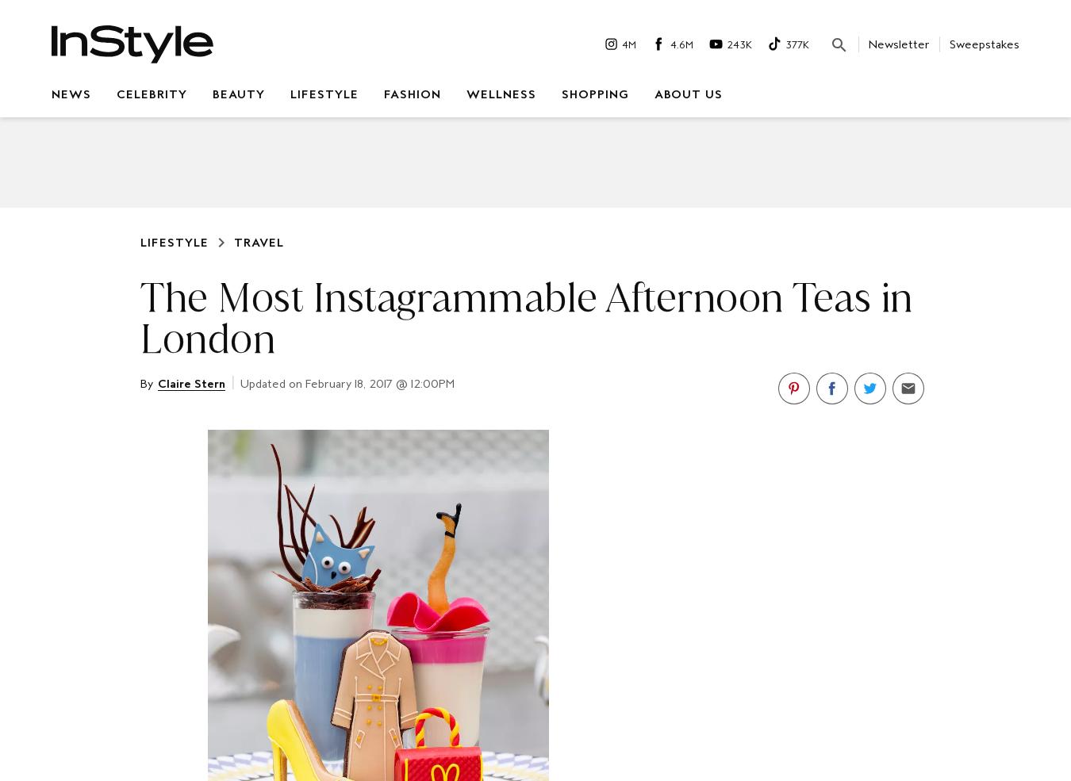  Describe the element at coordinates (501, 94) in the screenshot. I see `'Wellness'` at that location.